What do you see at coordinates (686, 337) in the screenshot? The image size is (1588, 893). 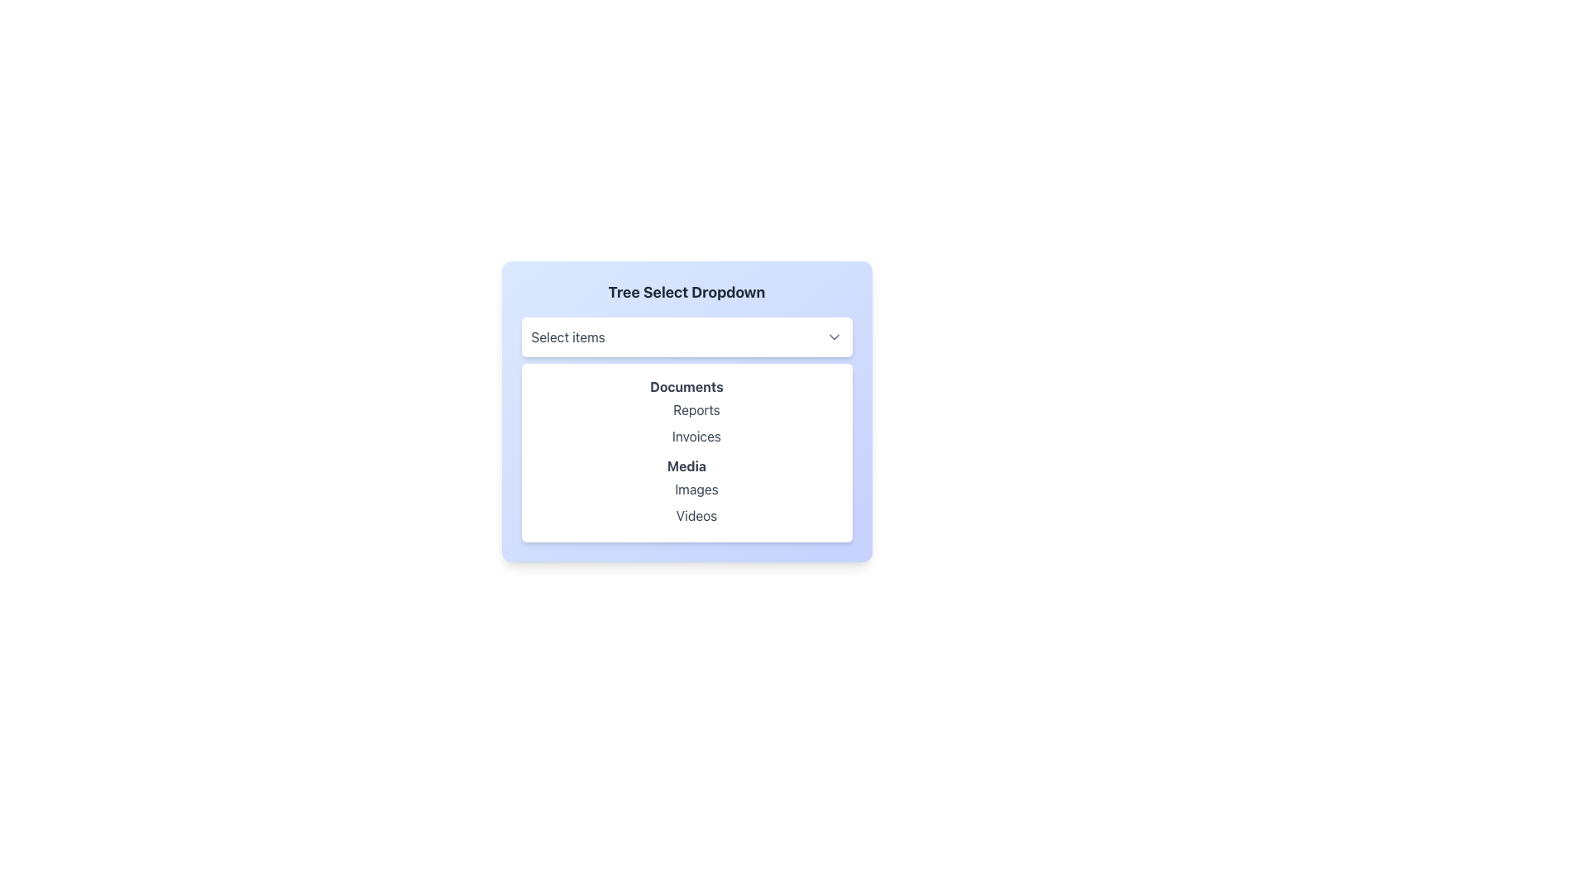 I see `the Dropdown Button located at the top of the dropdown component` at bounding box center [686, 337].